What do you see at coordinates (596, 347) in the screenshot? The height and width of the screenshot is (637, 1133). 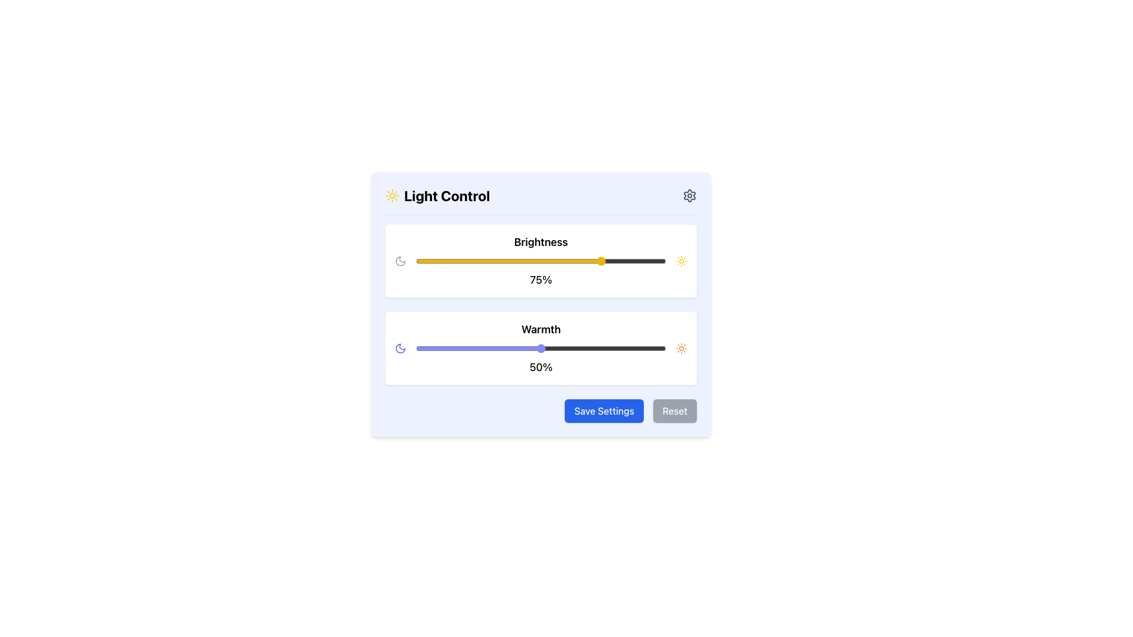 I see `warmth` at bounding box center [596, 347].